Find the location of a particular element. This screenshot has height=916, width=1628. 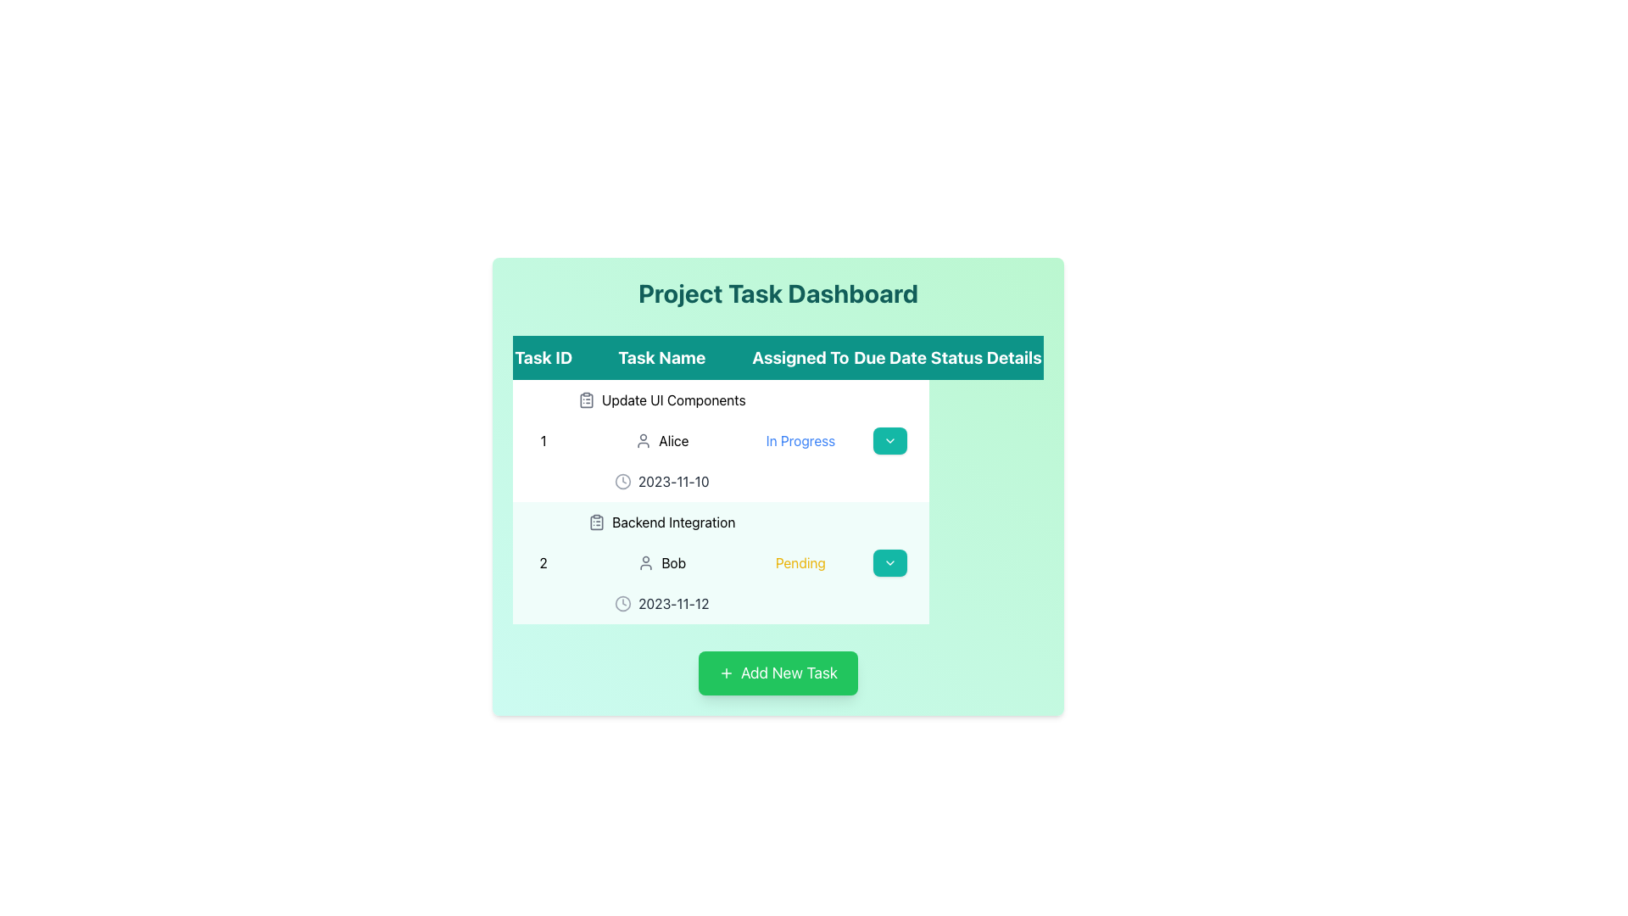

the teal button with a downward-facing arrow icon in the 'Details' column of the 'Backend Integration' task row is located at coordinates (889, 562).